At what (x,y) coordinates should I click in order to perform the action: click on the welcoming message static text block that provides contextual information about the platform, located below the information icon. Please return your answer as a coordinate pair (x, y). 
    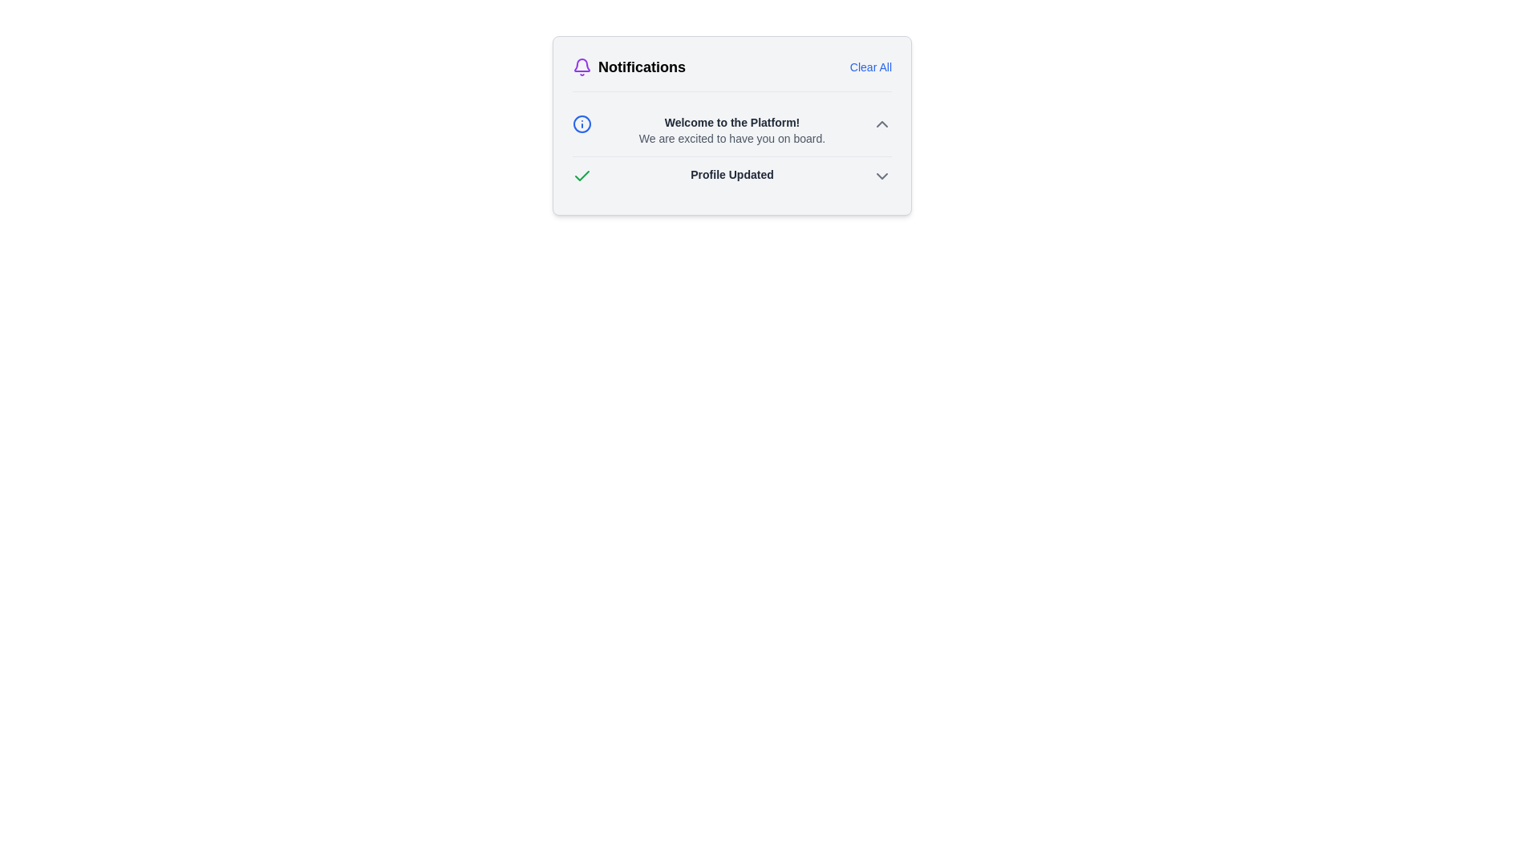
    Looking at the image, I should click on (731, 129).